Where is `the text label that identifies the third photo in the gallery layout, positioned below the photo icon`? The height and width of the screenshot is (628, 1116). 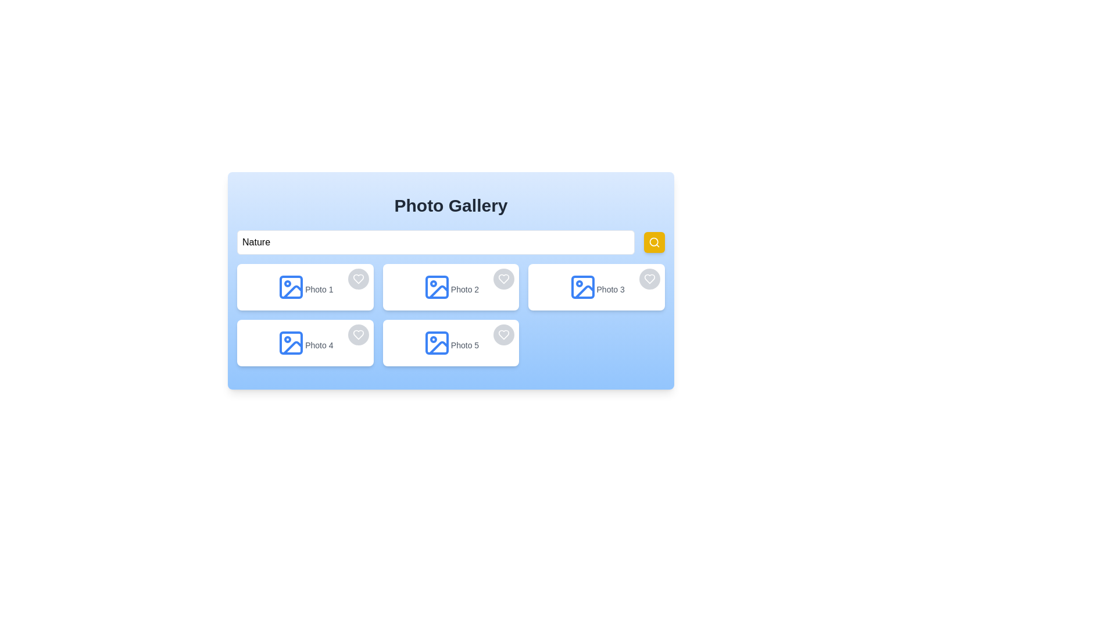
the text label that identifies the third photo in the gallery layout, positioned below the photo icon is located at coordinates (610, 288).